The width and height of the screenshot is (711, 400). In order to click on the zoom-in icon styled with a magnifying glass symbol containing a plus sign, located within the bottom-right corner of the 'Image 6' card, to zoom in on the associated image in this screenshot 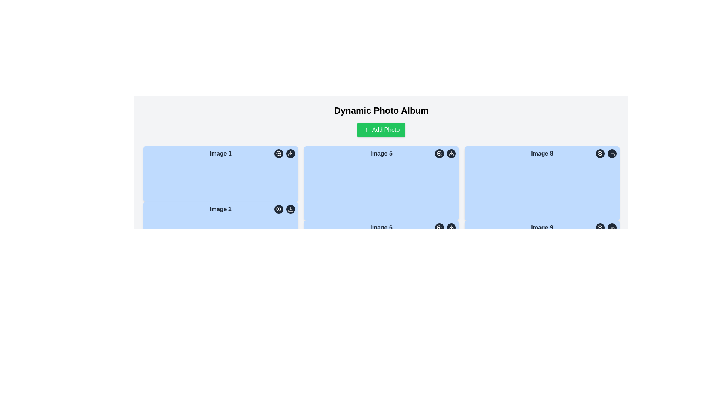, I will do `click(439, 227)`.